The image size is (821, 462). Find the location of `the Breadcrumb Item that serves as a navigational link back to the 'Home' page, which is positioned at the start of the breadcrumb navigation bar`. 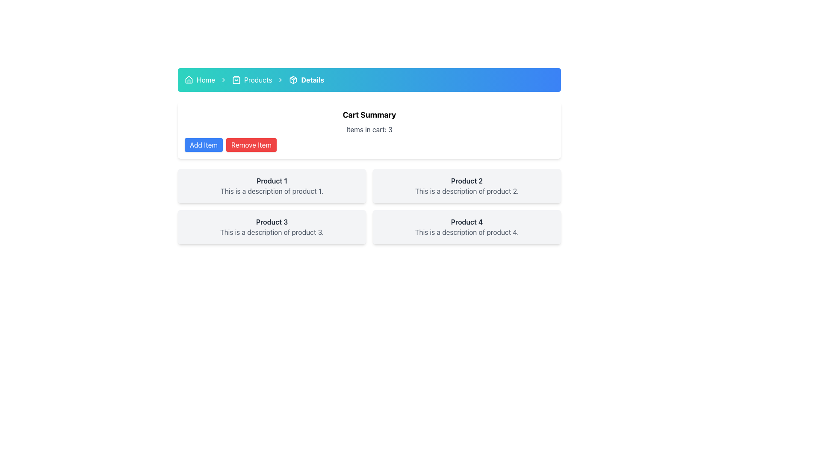

the Breadcrumb Item that serves as a navigational link back to the 'Home' page, which is positioned at the start of the breadcrumb navigation bar is located at coordinates (199, 80).